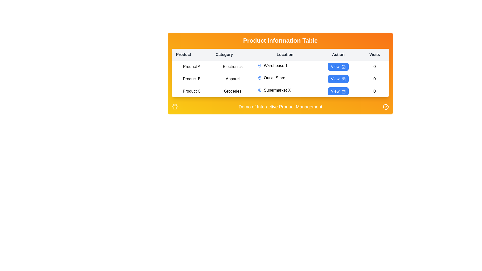 The image size is (482, 271). I want to click on the 'View' button with blue background and white text in the 'Action' column of the second row of the 'Product Information Table', so click(338, 79).